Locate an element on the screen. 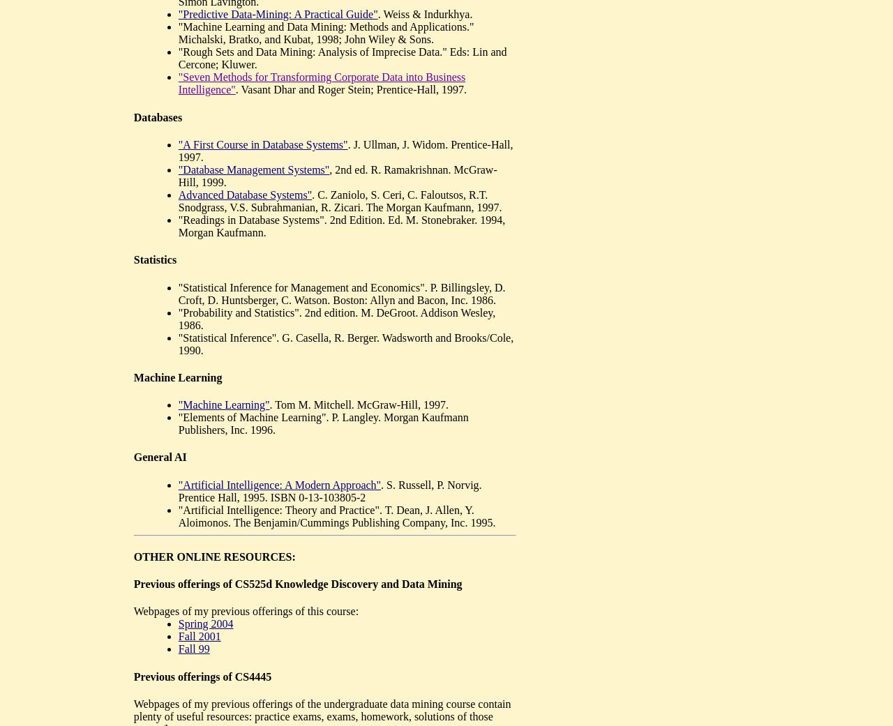 The width and height of the screenshot is (893, 726). '"Seven Methods for Transforming Corporate Data into 
     Business Intelligence"' is located at coordinates (177, 83).